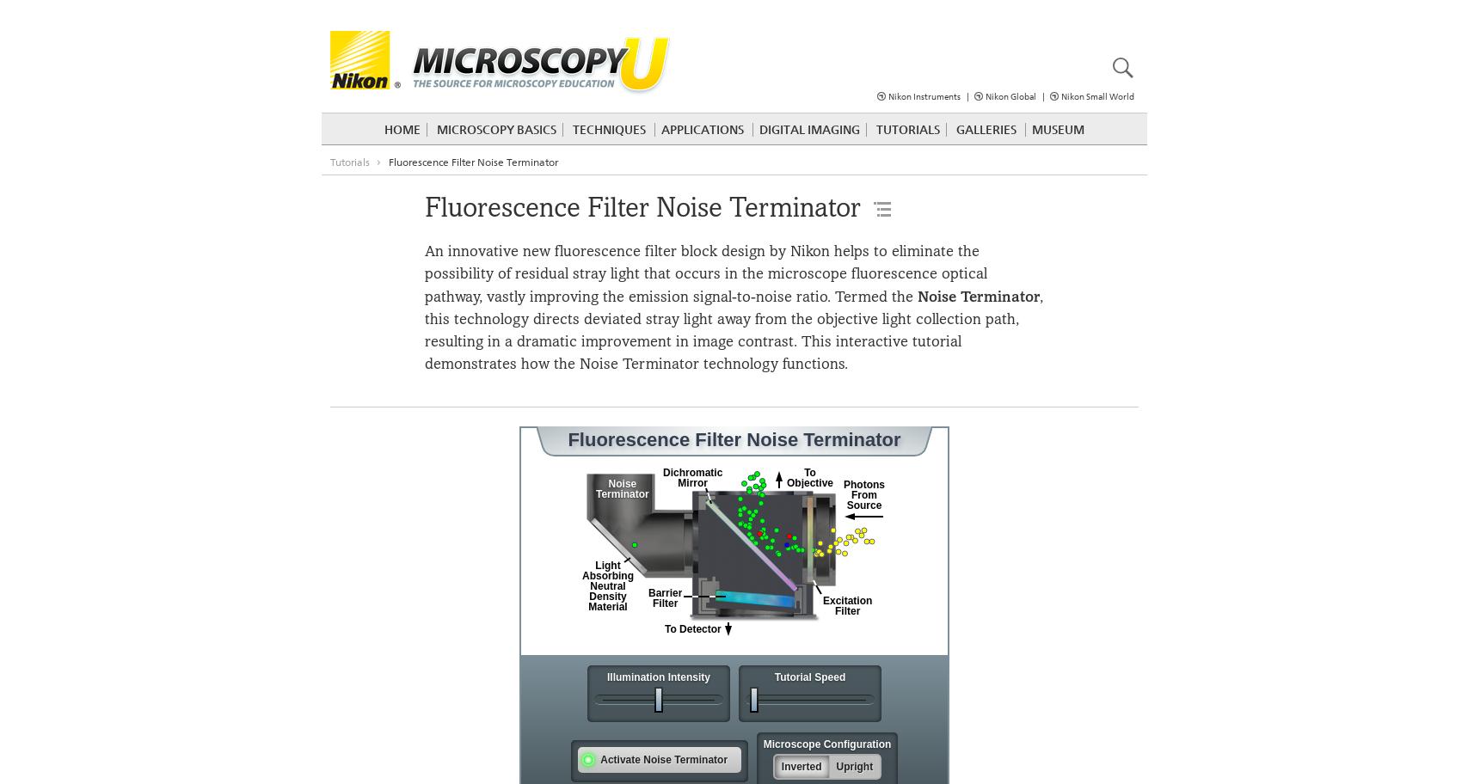  What do you see at coordinates (701, 128) in the screenshot?
I see `'Applications'` at bounding box center [701, 128].